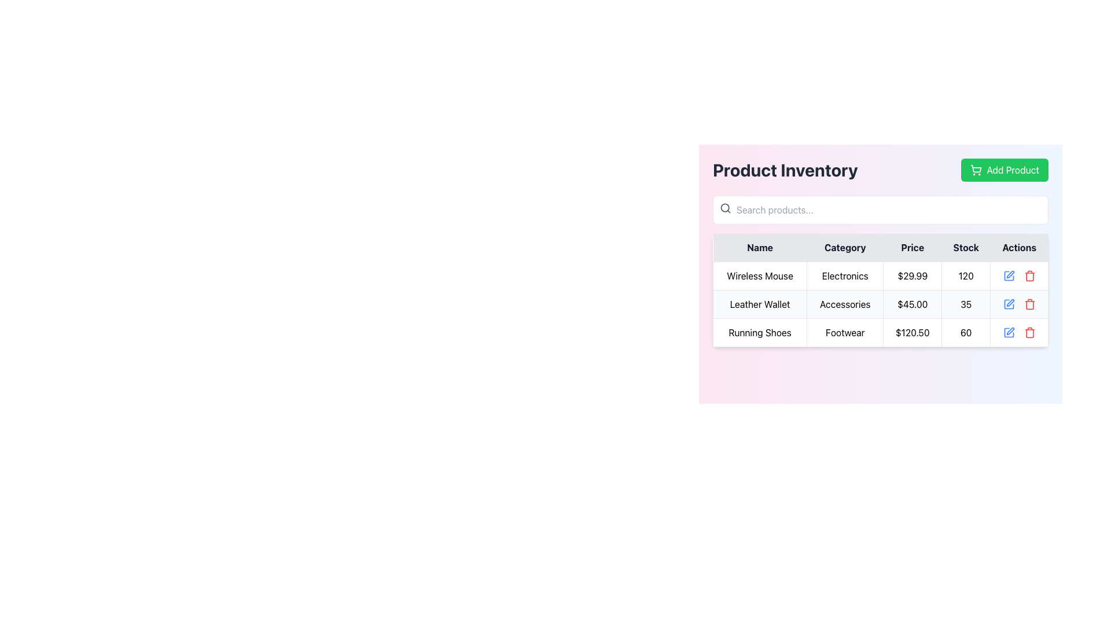  Describe the element at coordinates (966, 247) in the screenshot. I see `the 'Stock' text label, which is the fourth column header in the table, clearly styled with dark font on a light grey background` at that location.